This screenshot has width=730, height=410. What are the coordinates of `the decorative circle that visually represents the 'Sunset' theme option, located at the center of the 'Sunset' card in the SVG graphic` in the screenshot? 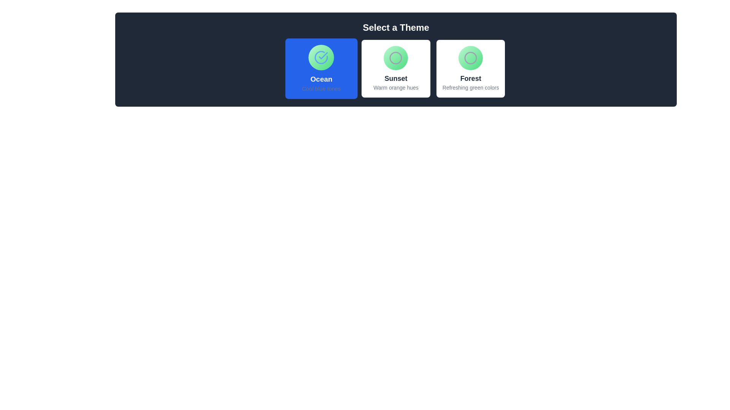 It's located at (395, 58).